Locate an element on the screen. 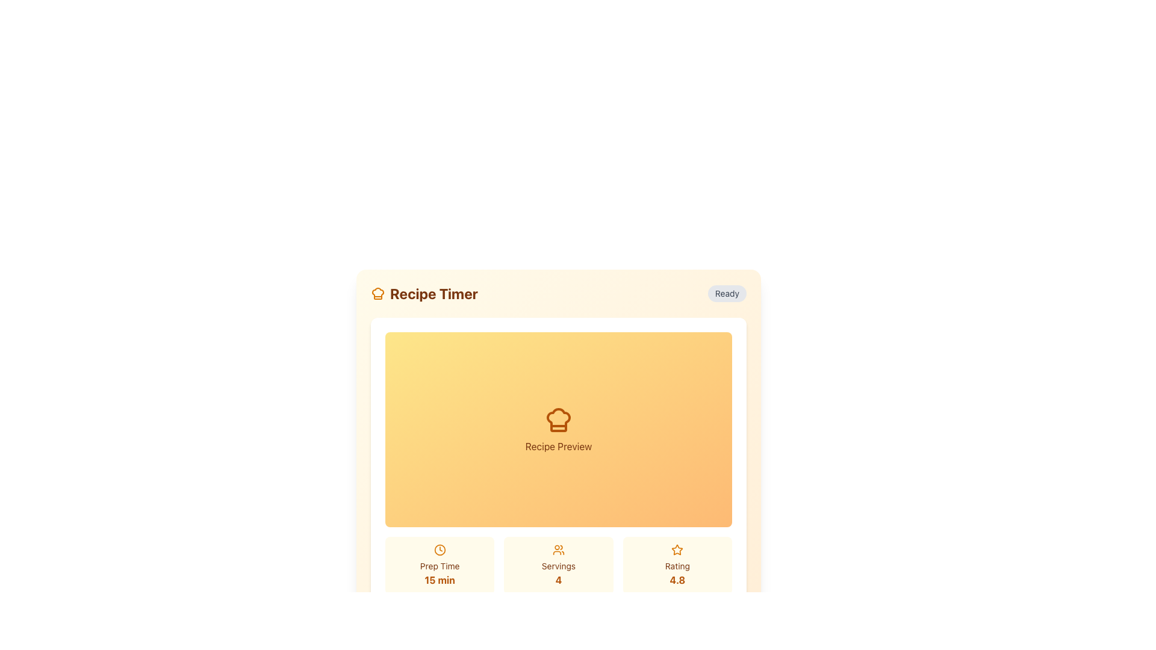 This screenshot has width=1156, height=650. the Informational card that contains the icon of a group of people, the text 'Servings', and the number '4', located in the center of the row beneath the 'Recipe Preview' section is located at coordinates (558, 566).